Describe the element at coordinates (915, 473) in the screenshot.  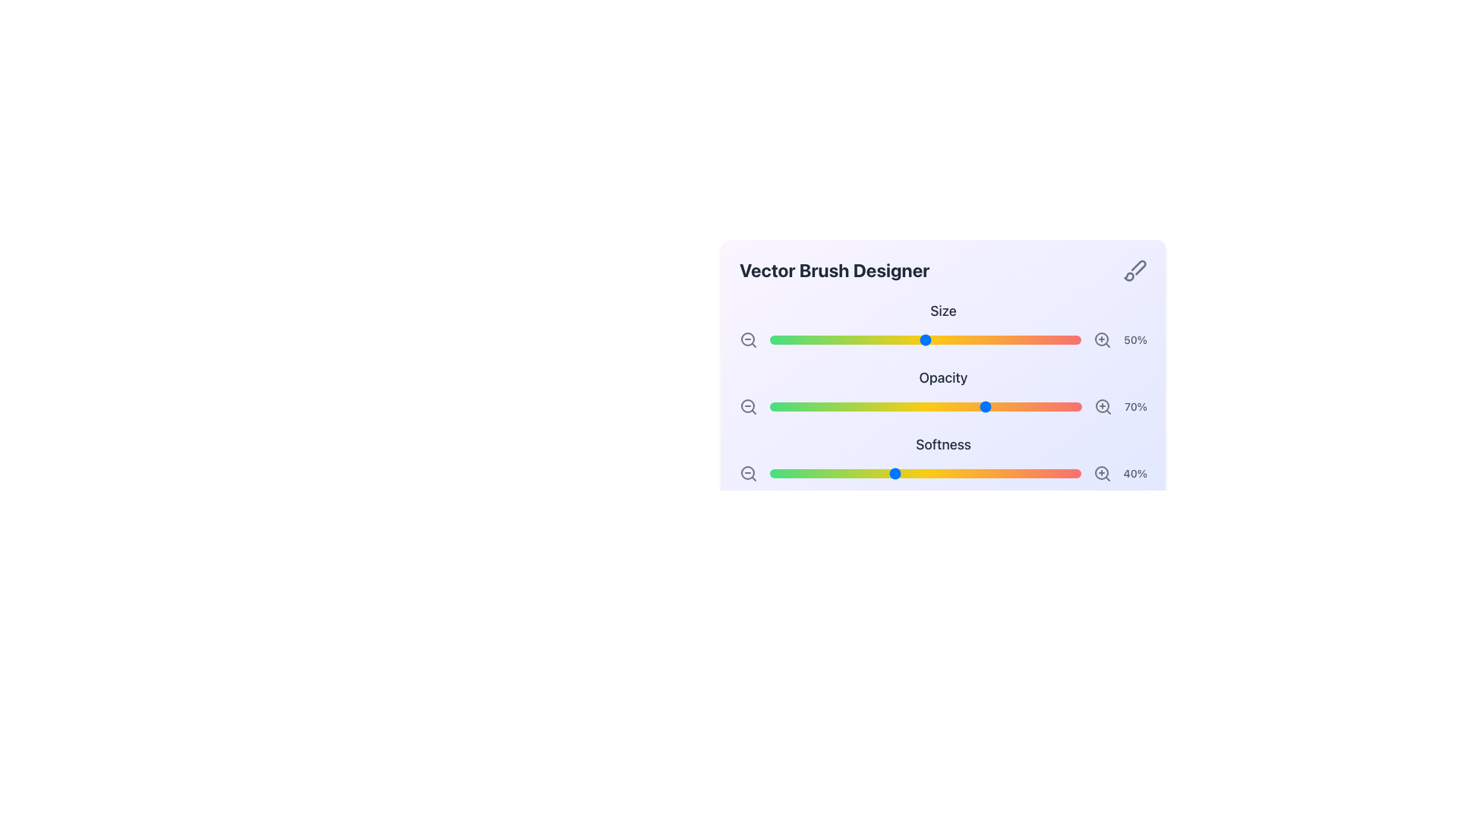
I see `softness` at that location.